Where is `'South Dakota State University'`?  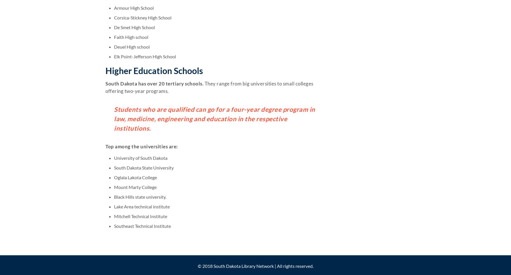
'South Dakota State University' is located at coordinates (114, 167).